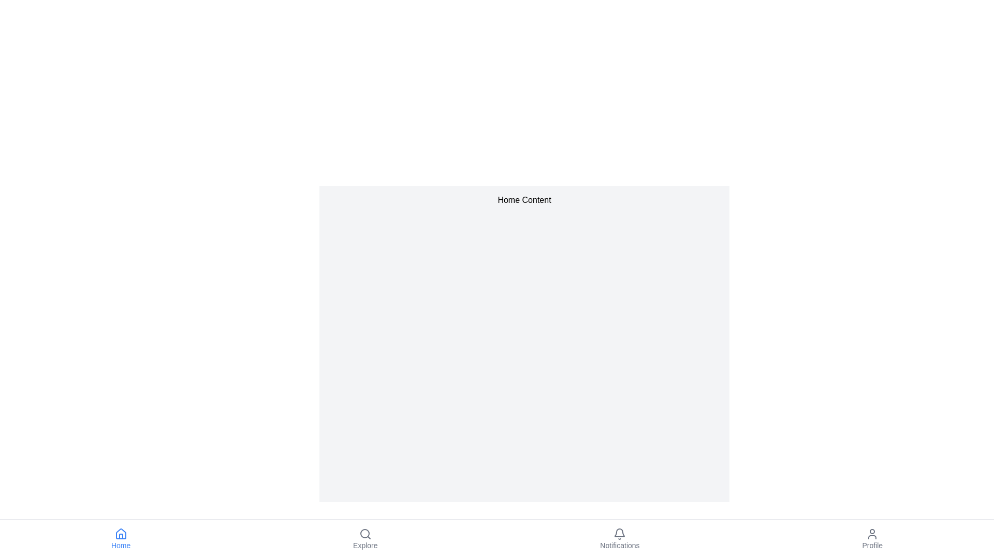  What do you see at coordinates (620, 534) in the screenshot?
I see `the notifications icon located in the bottom navigation bar, in the middle-right section above the label 'Notifications'` at bounding box center [620, 534].